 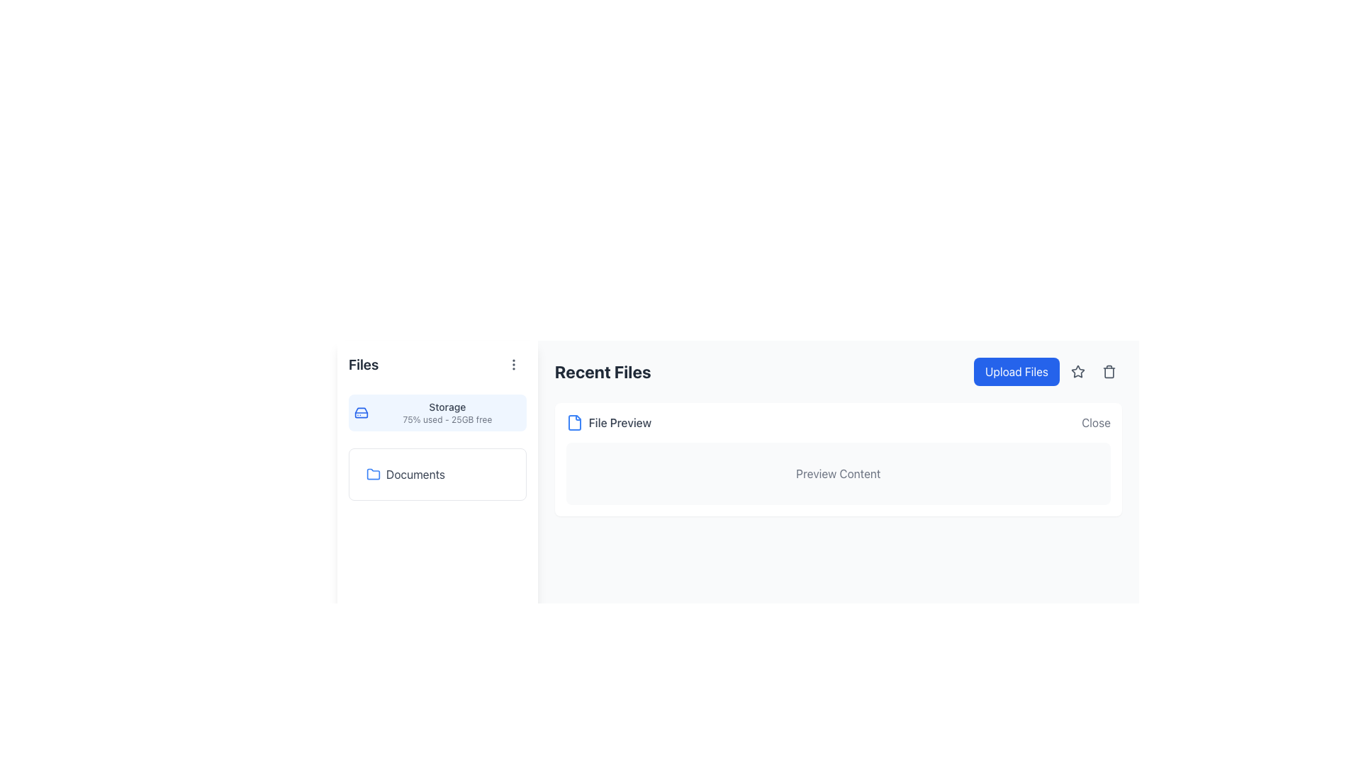 I want to click on the star icon button located in the top-right corner of the recent files section to mark it as favorite, so click(x=1077, y=370).